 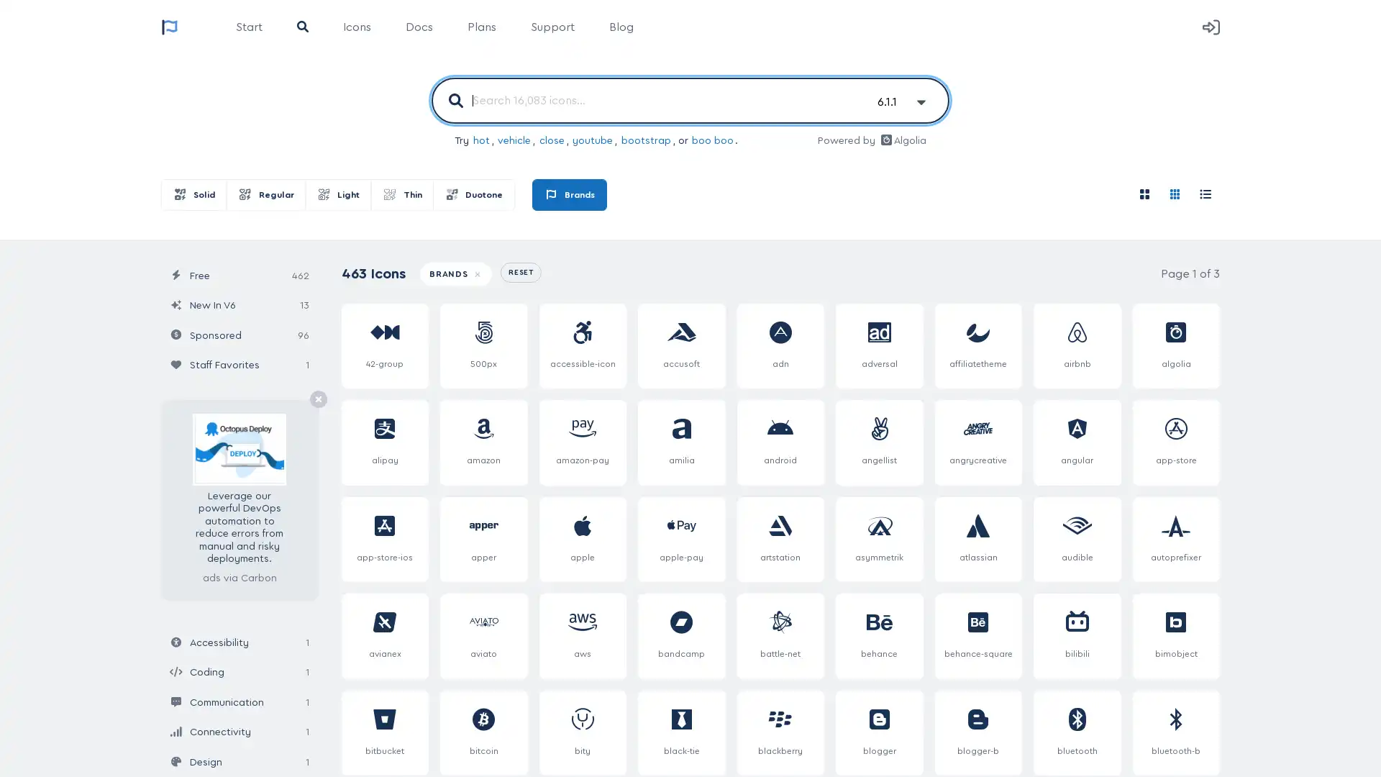 I want to click on 500px, so click(x=483, y=355).